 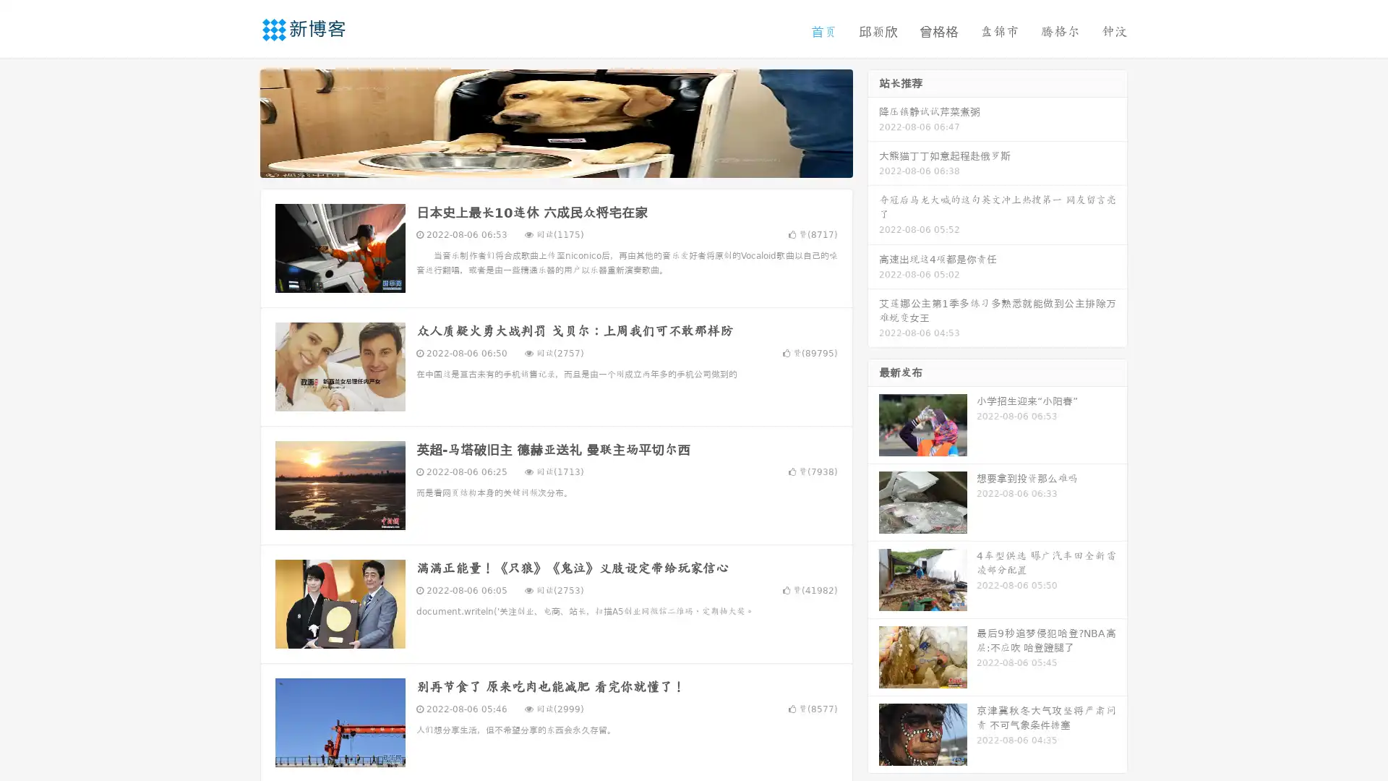 What do you see at coordinates (541, 163) in the screenshot?
I see `Go to slide 1` at bounding box center [541, 163].